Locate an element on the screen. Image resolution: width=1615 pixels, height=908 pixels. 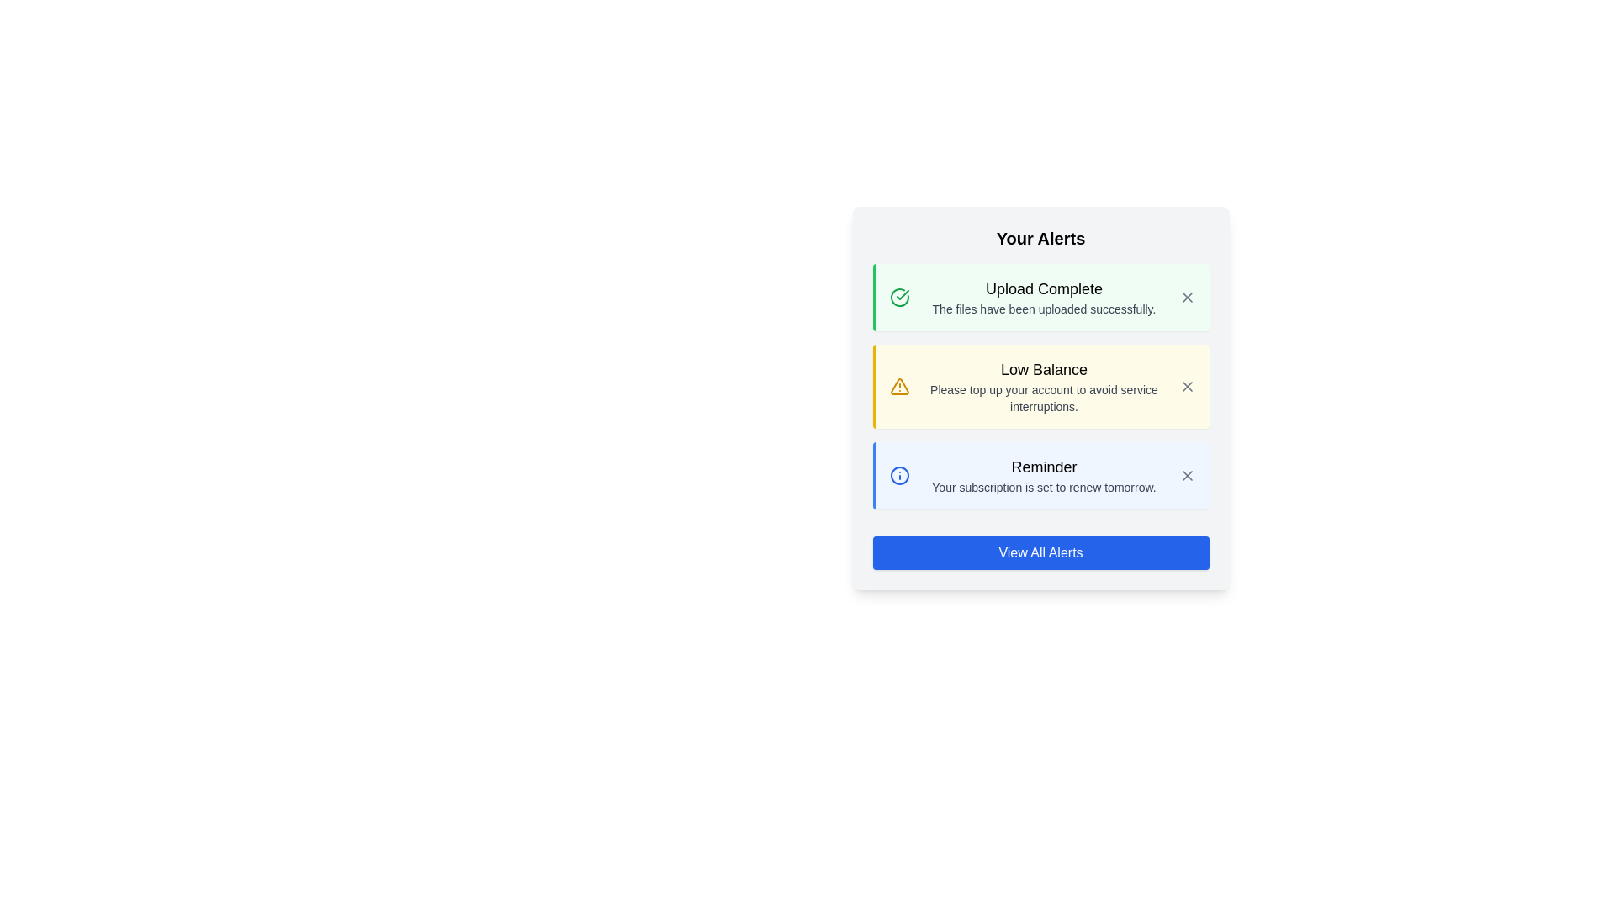
the circular blue icon with a white background, which features a vertical line and a dot above it, located to the left of the text 'Reminder' in the 'Your Alerts' section of the notification card is located at coordinates (898, 476).